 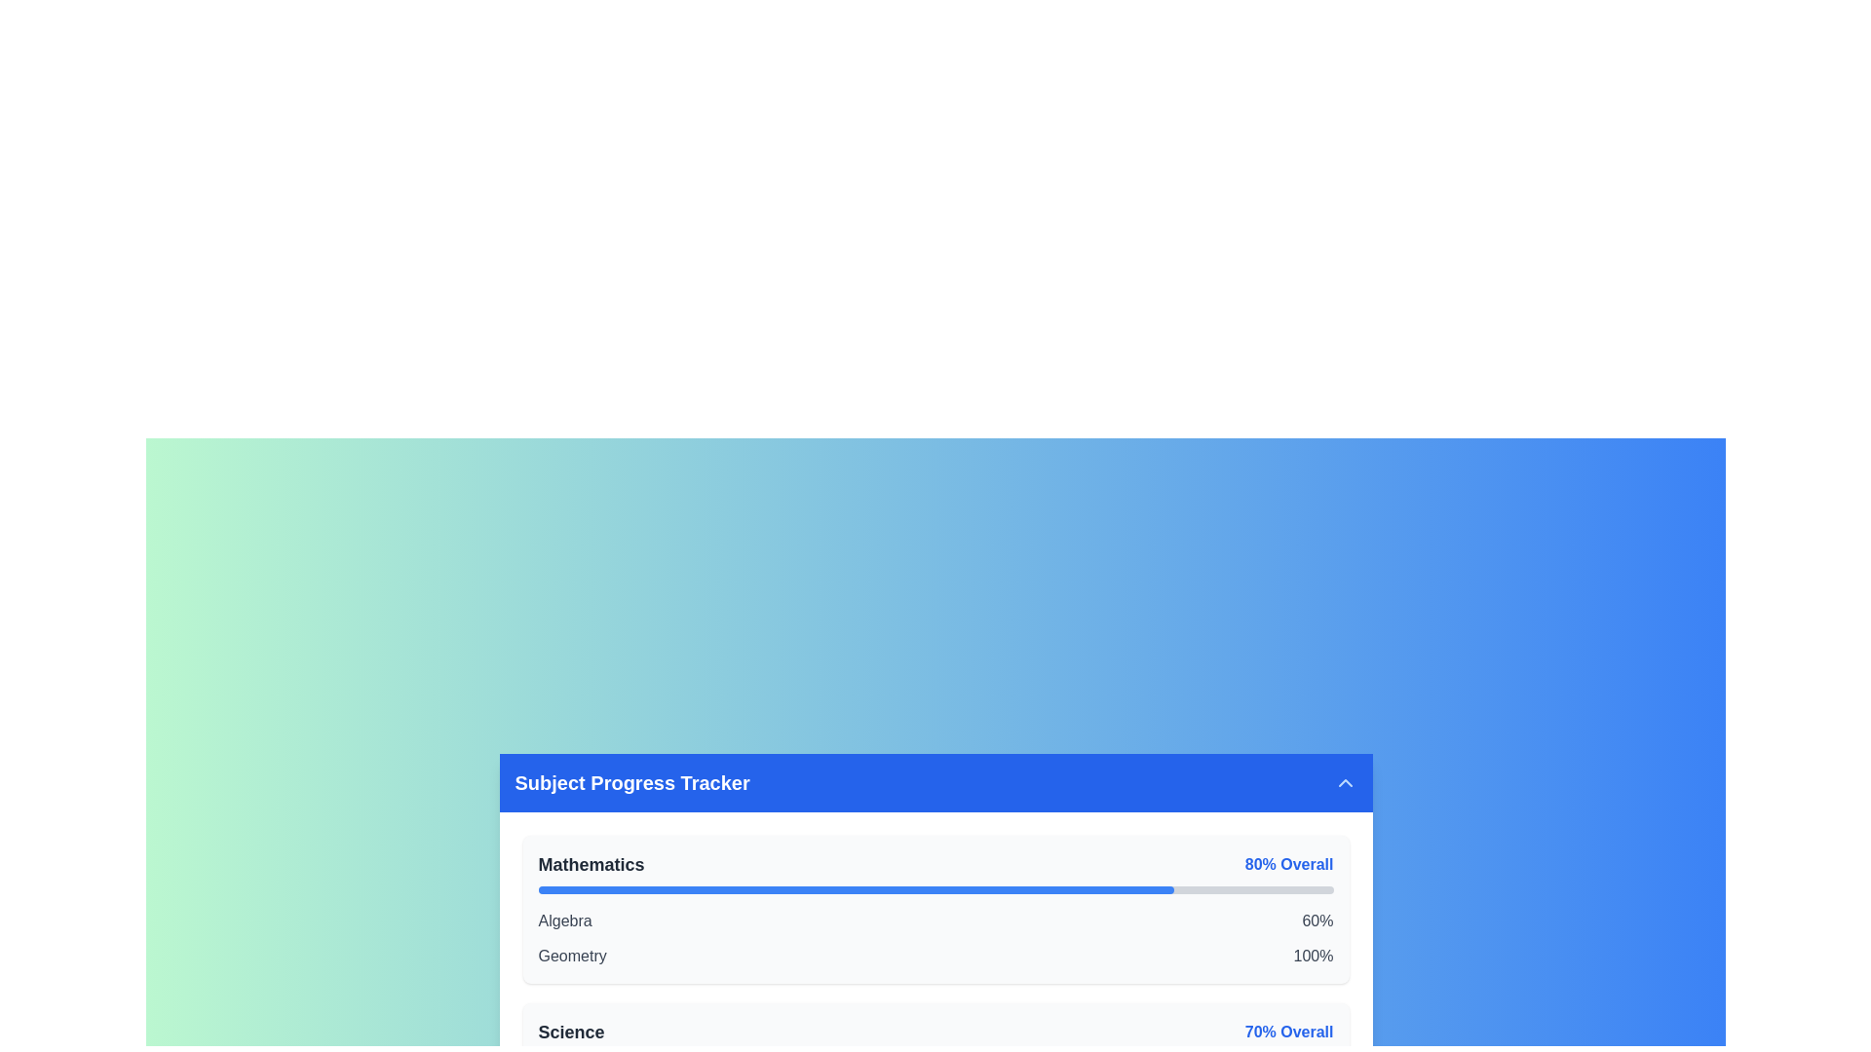 What do you see at coordinates (570, 1032) in the screenshot?
I see `the 'Science' text label, which indicates a subject or category in the progress tracker` at bounding box center [570, 1032].